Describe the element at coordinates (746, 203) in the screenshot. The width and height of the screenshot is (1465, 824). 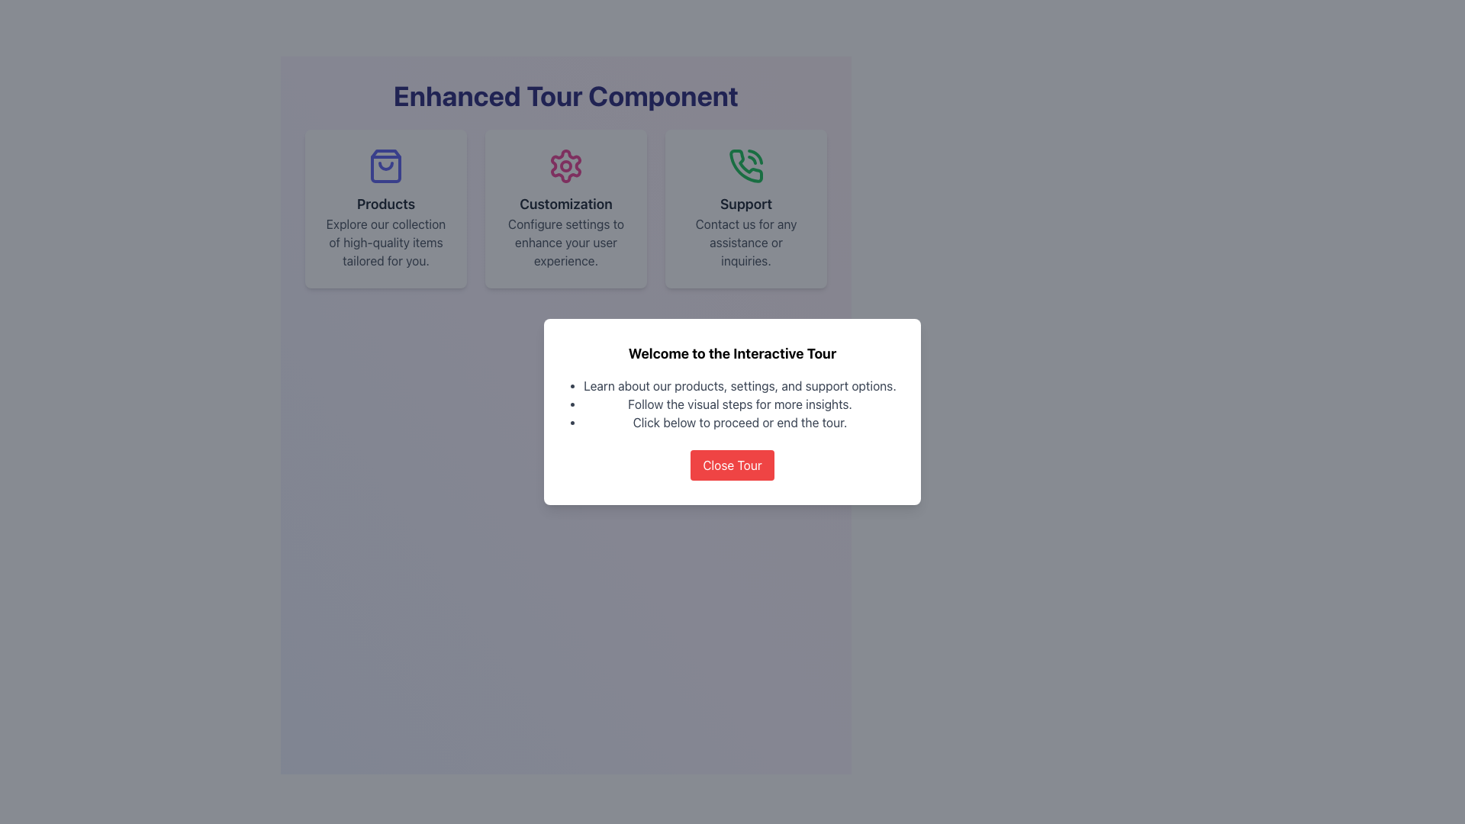
I see `text label that serves as a header for the support feature, located in the top right quadrant of the interface, below the phone call icon` at that location.